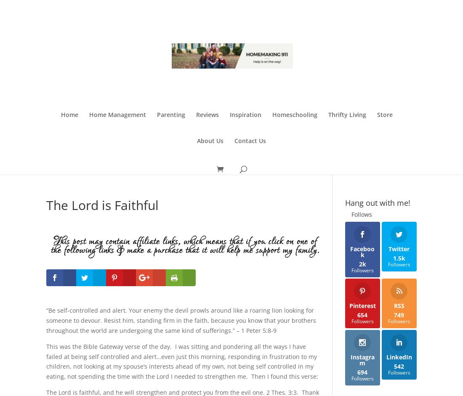 This screenshot has width=463, height=396. What do you see at coordinates (357, 372) in the screenshot?
I see `'694'` at bounding box center [357, 372].